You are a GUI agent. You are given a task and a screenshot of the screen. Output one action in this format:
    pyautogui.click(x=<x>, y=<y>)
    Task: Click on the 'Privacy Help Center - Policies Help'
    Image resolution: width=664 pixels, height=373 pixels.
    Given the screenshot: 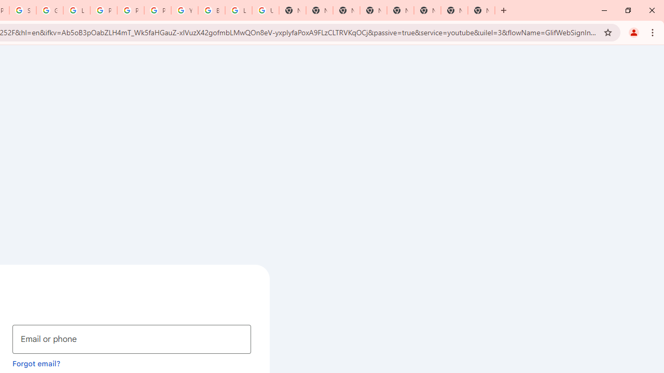 What is the action you would take?
    pyautogui.click(x=130, y=10)
    